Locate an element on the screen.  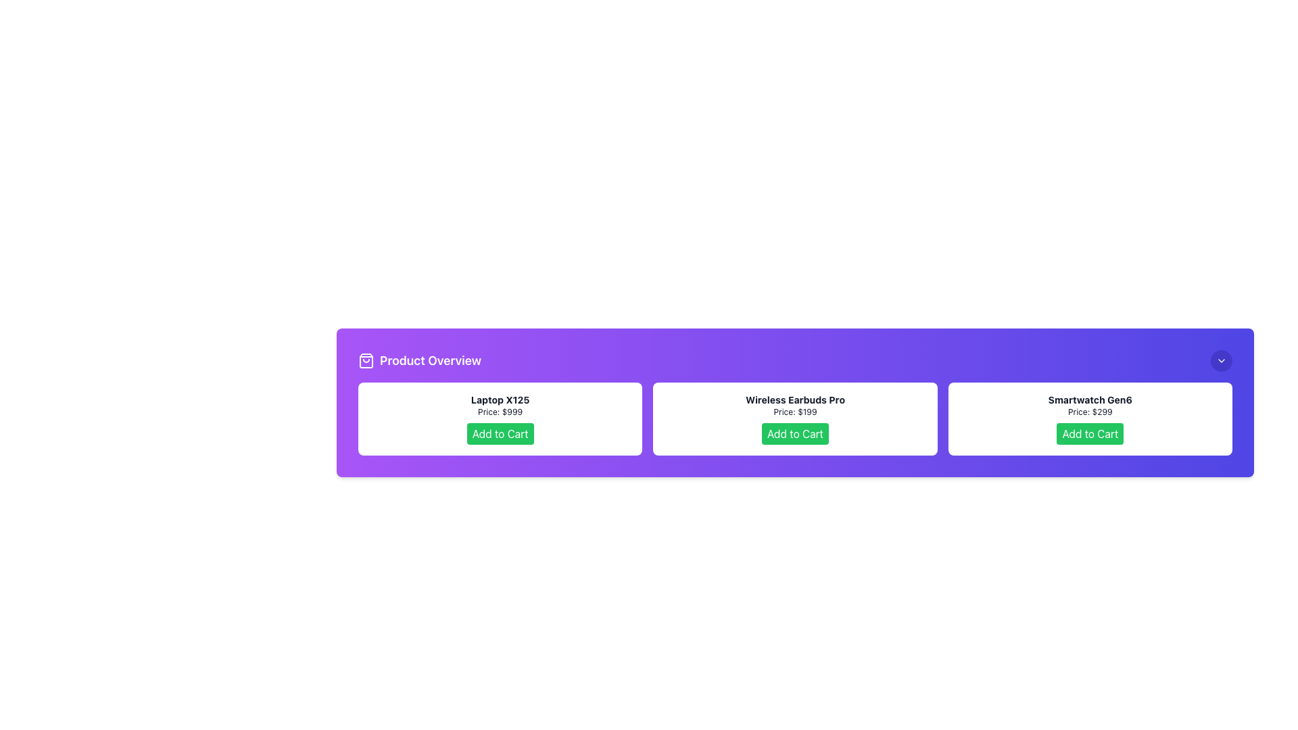
the 'Add to Cart' button for the product 'Laptop X125' is located at coordinates (500, 433).